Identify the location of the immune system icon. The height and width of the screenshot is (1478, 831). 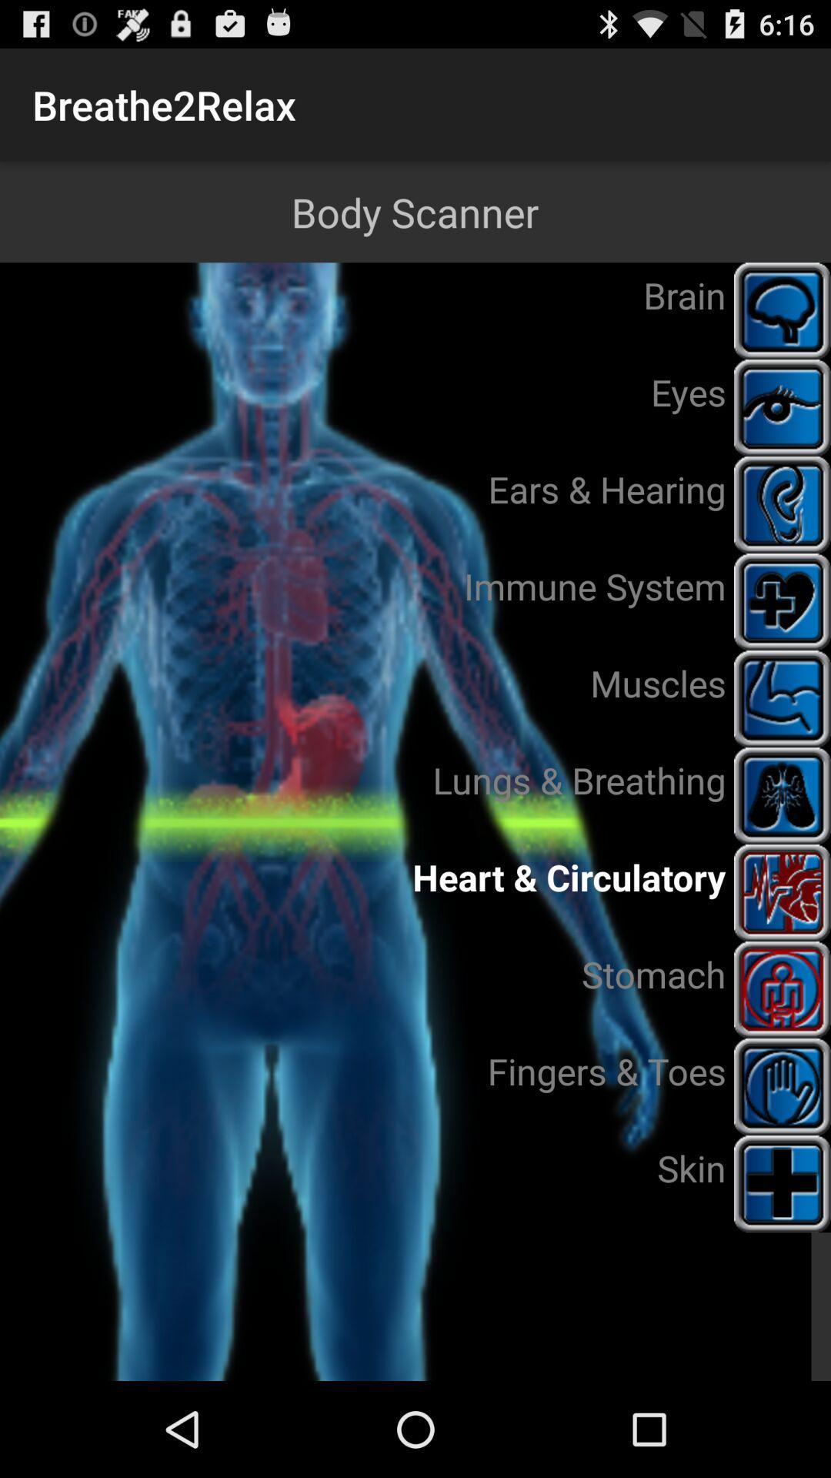
(783, 601).